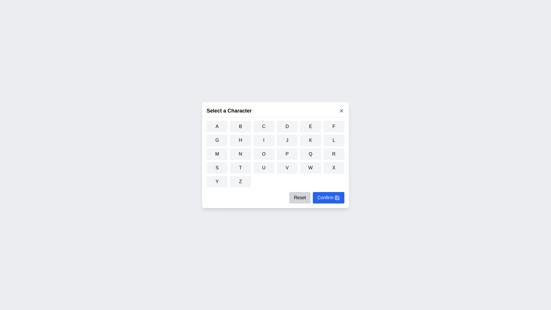 The image size is (551, 310). What do you see at coordinates (240, 126) in the screenshot?
I see `the button corresponding to the character B to select it` at bounding box center [240, 126].